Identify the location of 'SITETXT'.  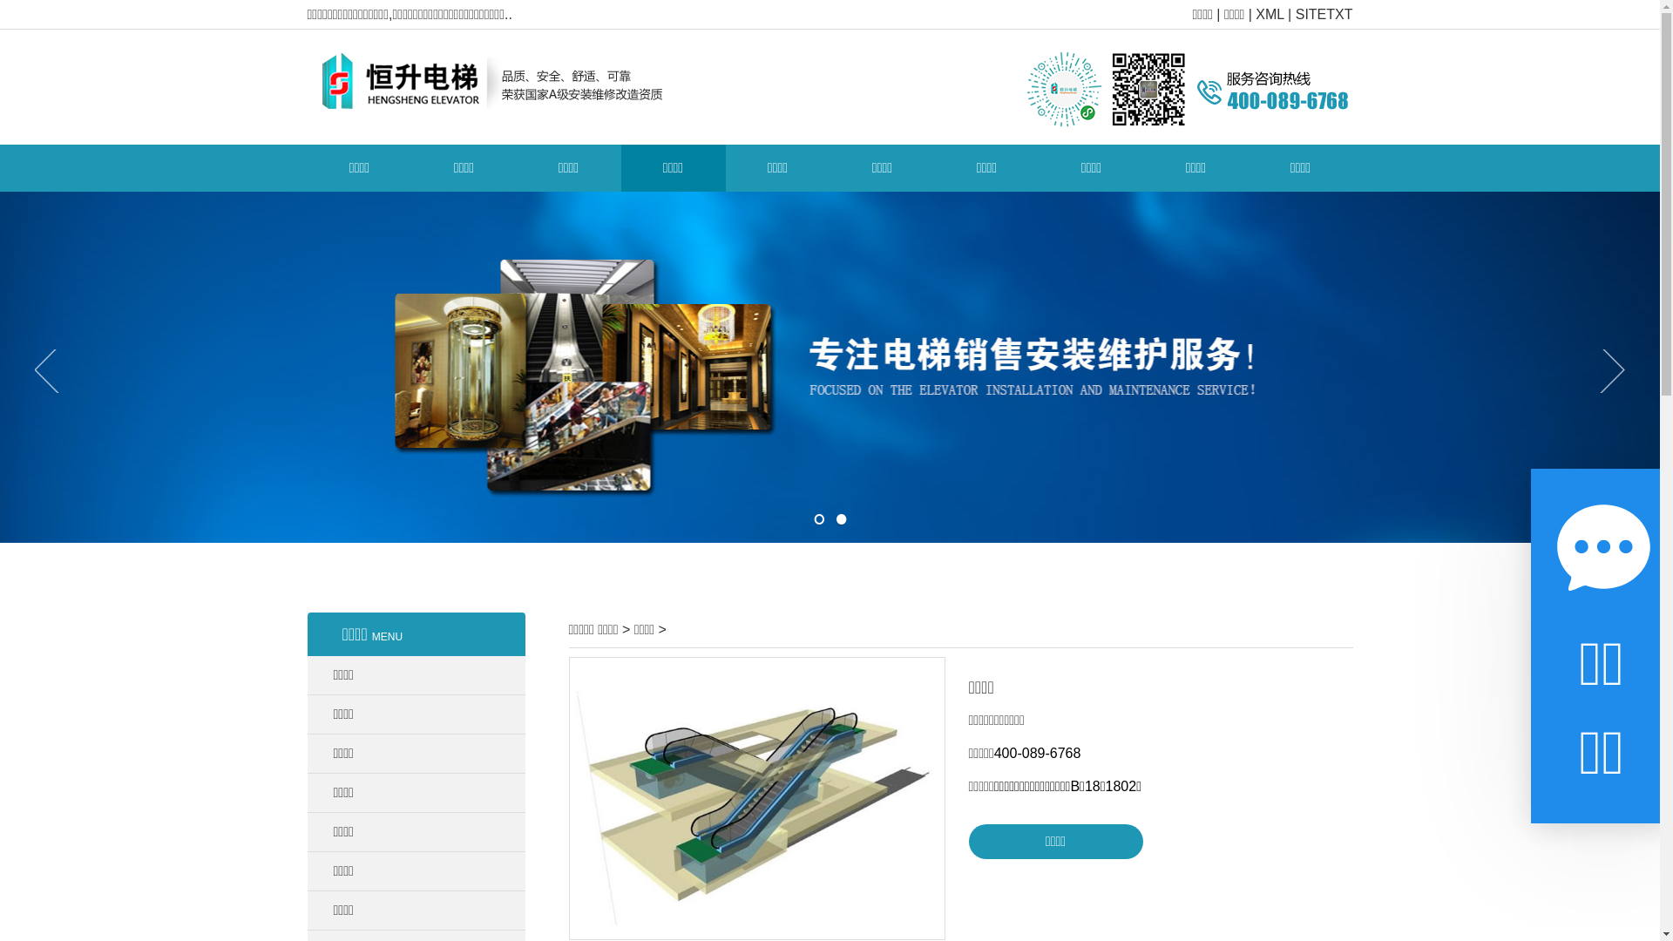
(1324, 14).